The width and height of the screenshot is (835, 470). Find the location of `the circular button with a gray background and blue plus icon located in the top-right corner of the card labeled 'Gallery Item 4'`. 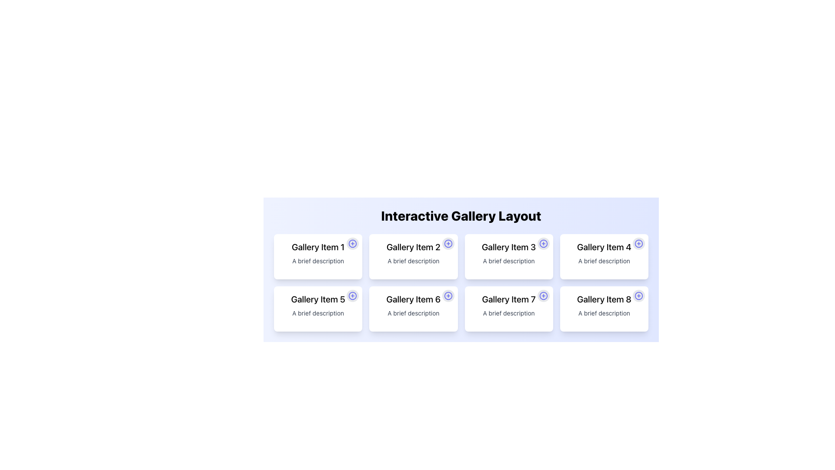

the circular button with a gray background and blue plus icon located in the top-right corner of the card labeled 'Gallery Item 4' is located at coordinates (638, 243).